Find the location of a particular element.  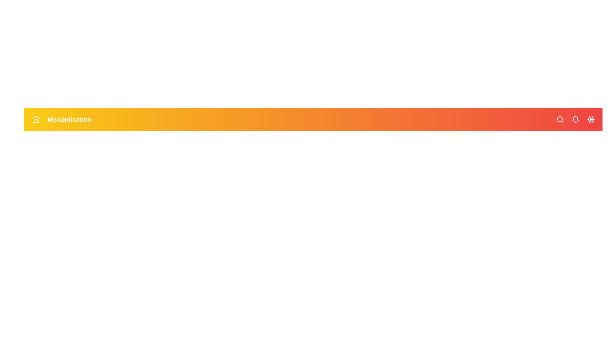

the circle element that forms the lens of the magnifying glass icon, which represents the search functionality in the top-right section of the application interface is located at coordinates (559, 119).